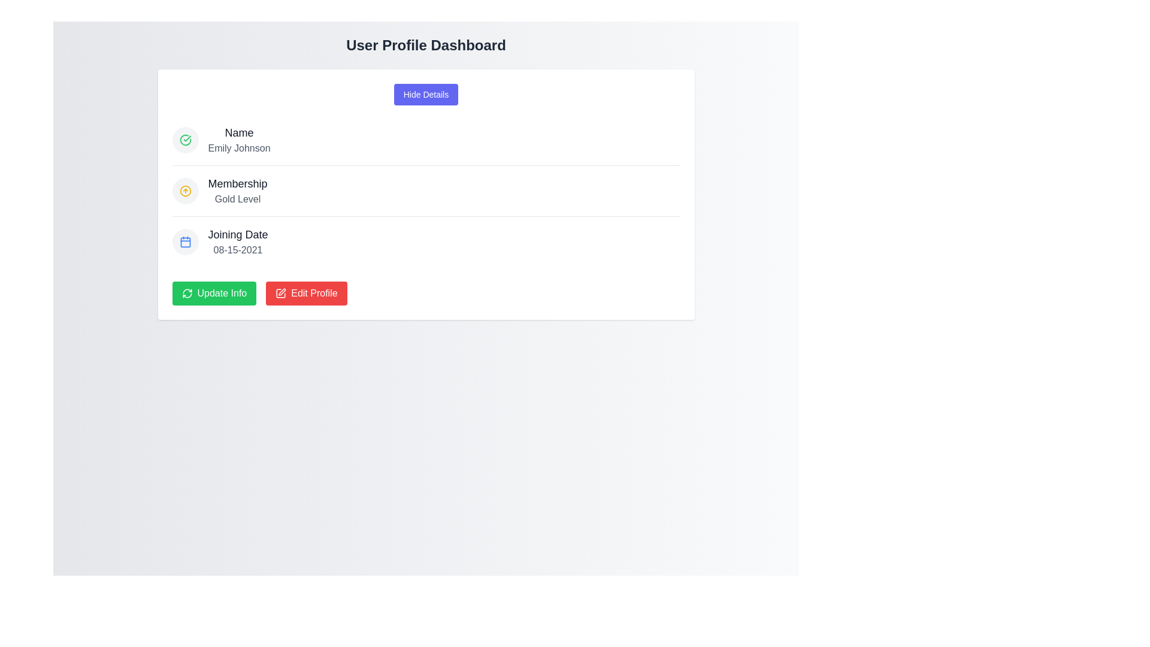 This screenshot has width=1150, height=647. What do you see at coordinates (184, 191) in the screenshot?
I see `the visual indicator icon representing the 'Gold Level' status in the 'Membership' section, which is located to the left of the 'Membership' label` at bounding box center [184, 191].